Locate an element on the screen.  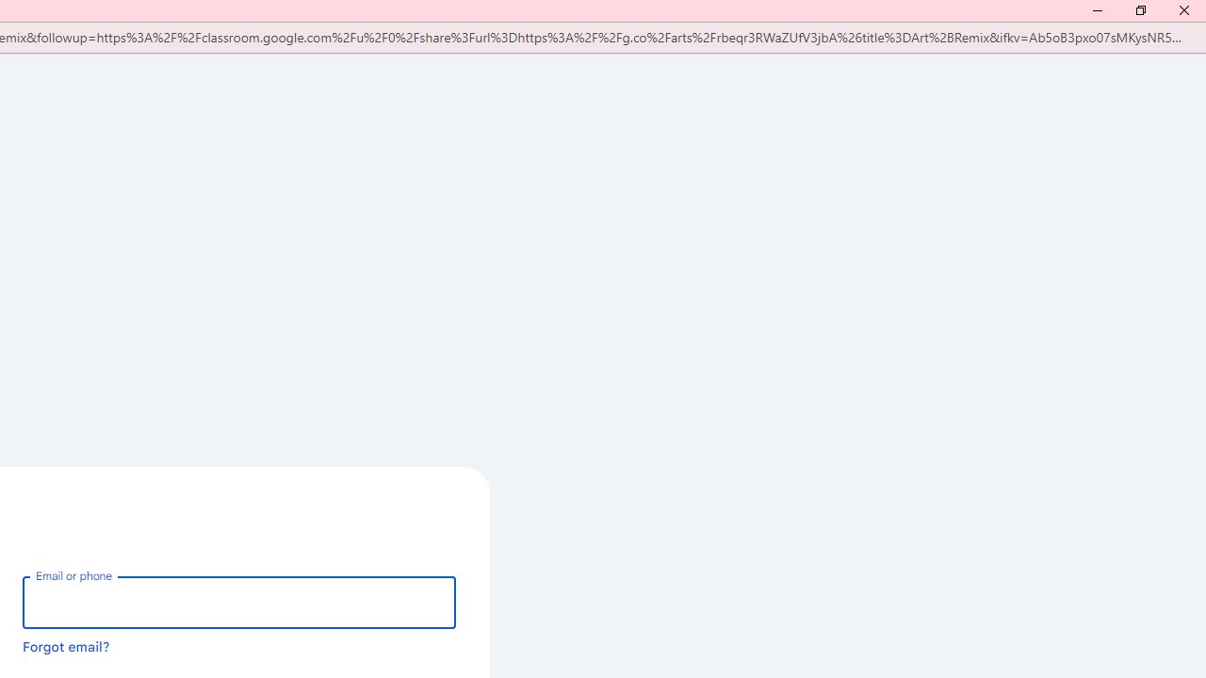
'Email or phone' is located at coordinates (238, 603).